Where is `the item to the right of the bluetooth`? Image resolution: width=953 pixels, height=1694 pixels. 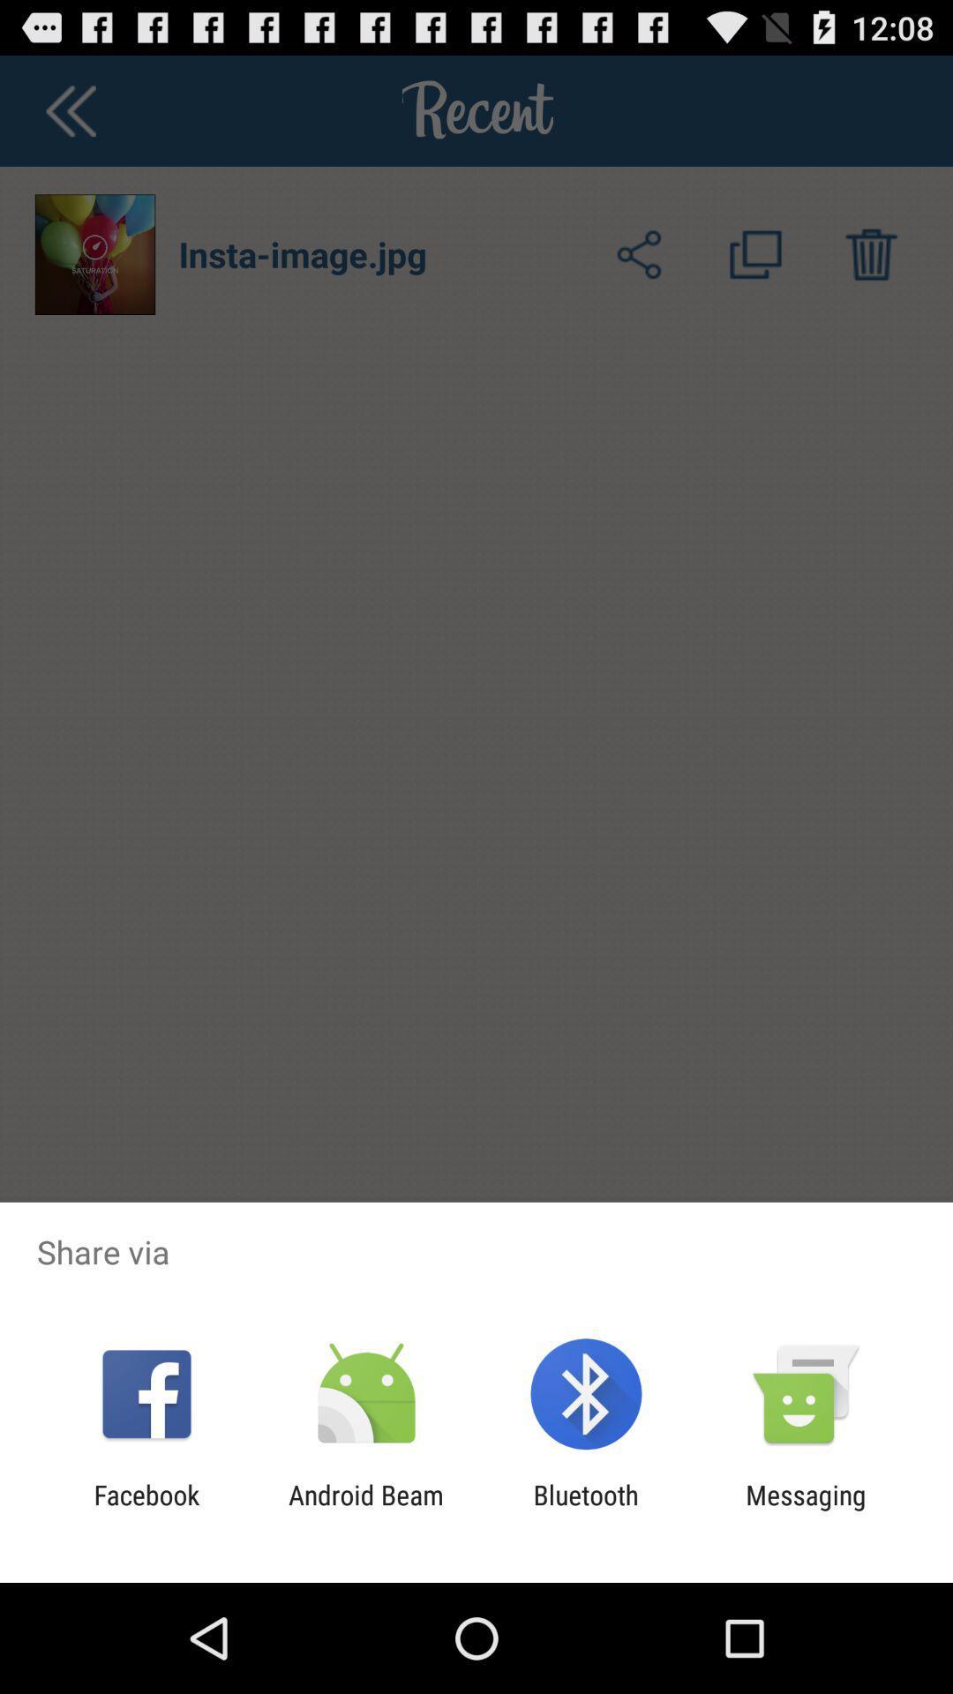
the item to the right of the bluetooth is located at coordinates (806, 1510).